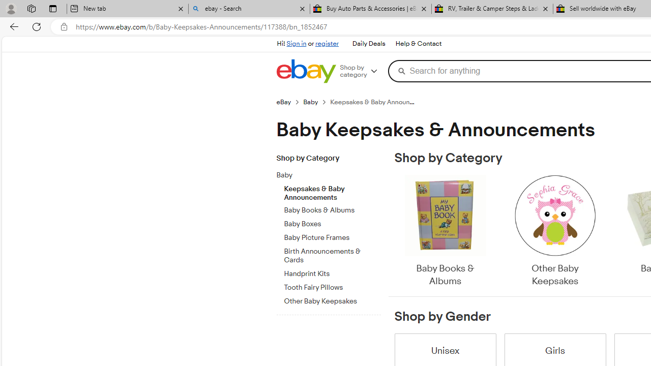  I want to click on 'Handprint Kits', so click(332, 271).